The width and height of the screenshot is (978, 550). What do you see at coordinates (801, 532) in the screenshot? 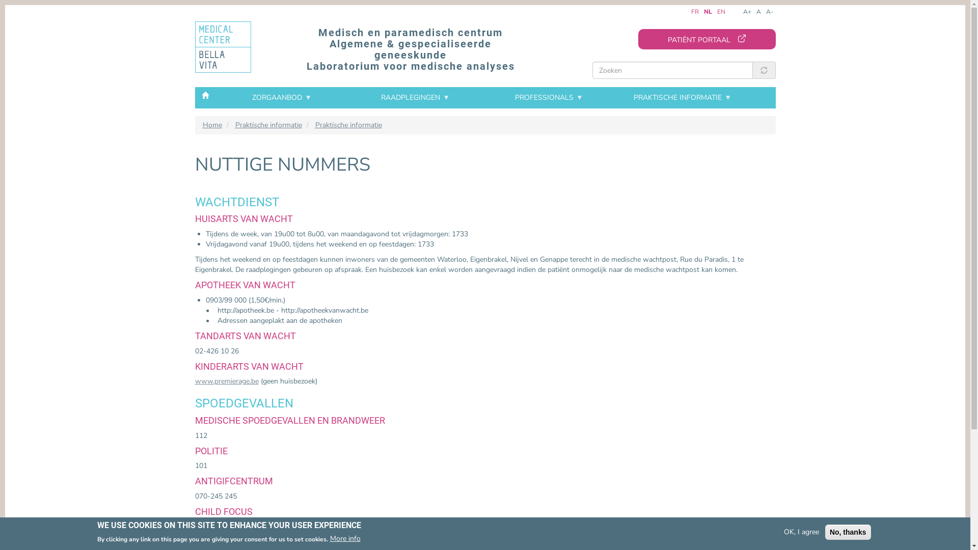
I see `'OK, I agree'` at bounding box center [801, 532].